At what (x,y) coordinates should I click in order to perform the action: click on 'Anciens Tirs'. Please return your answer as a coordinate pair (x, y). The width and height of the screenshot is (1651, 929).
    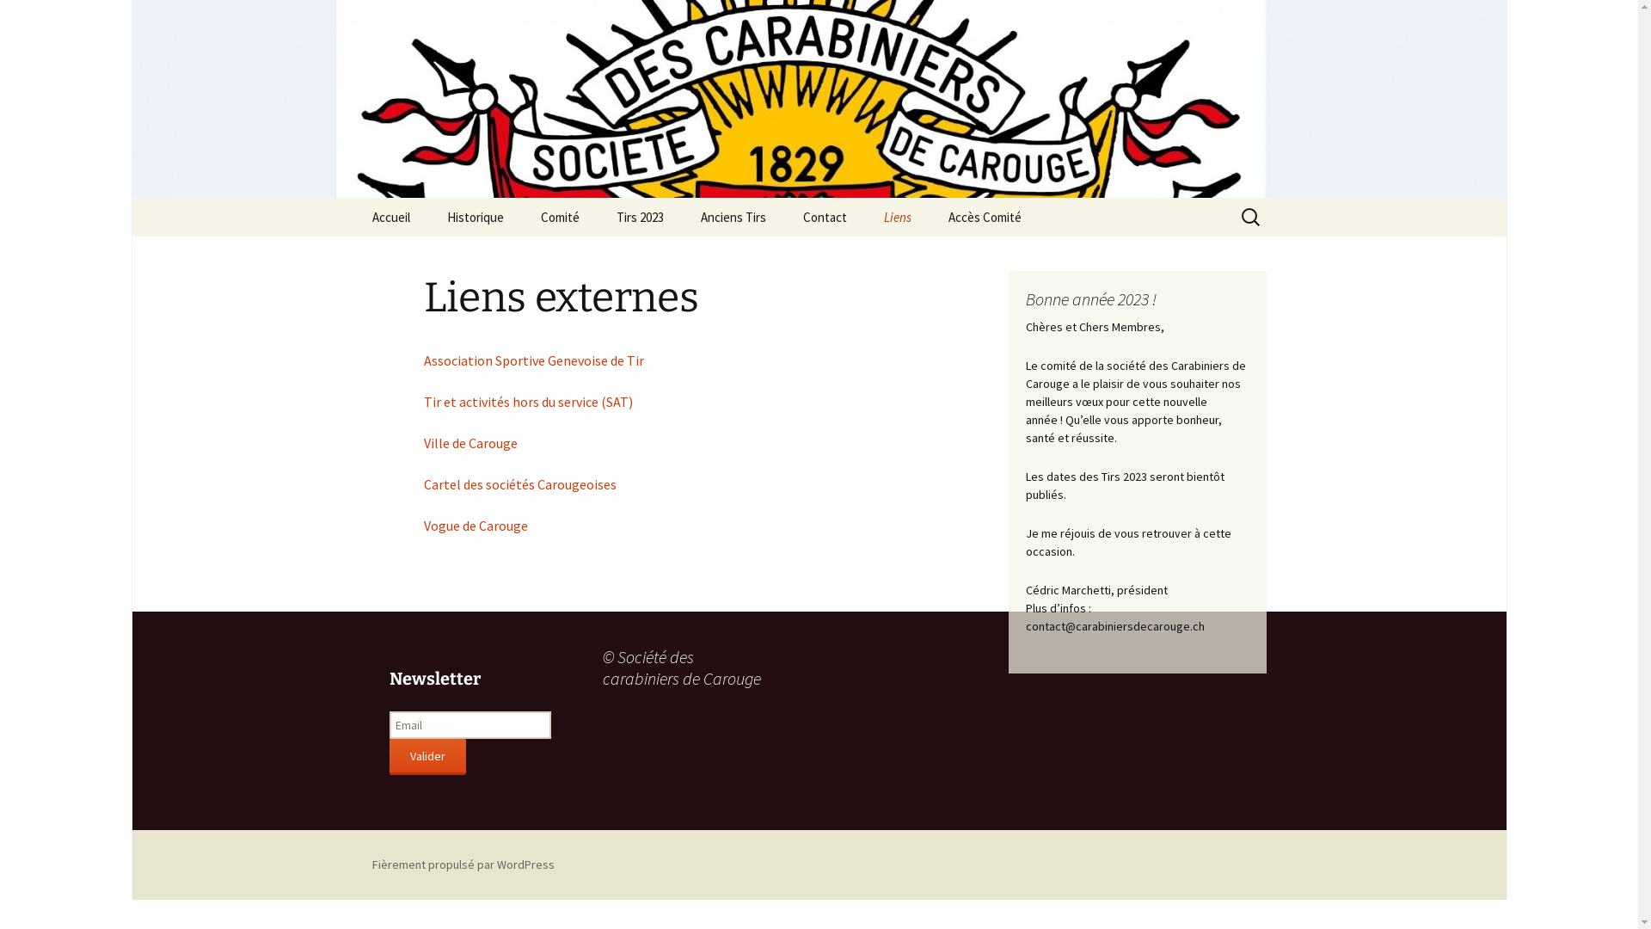
    Looking at the image, I should click on (681, 216).